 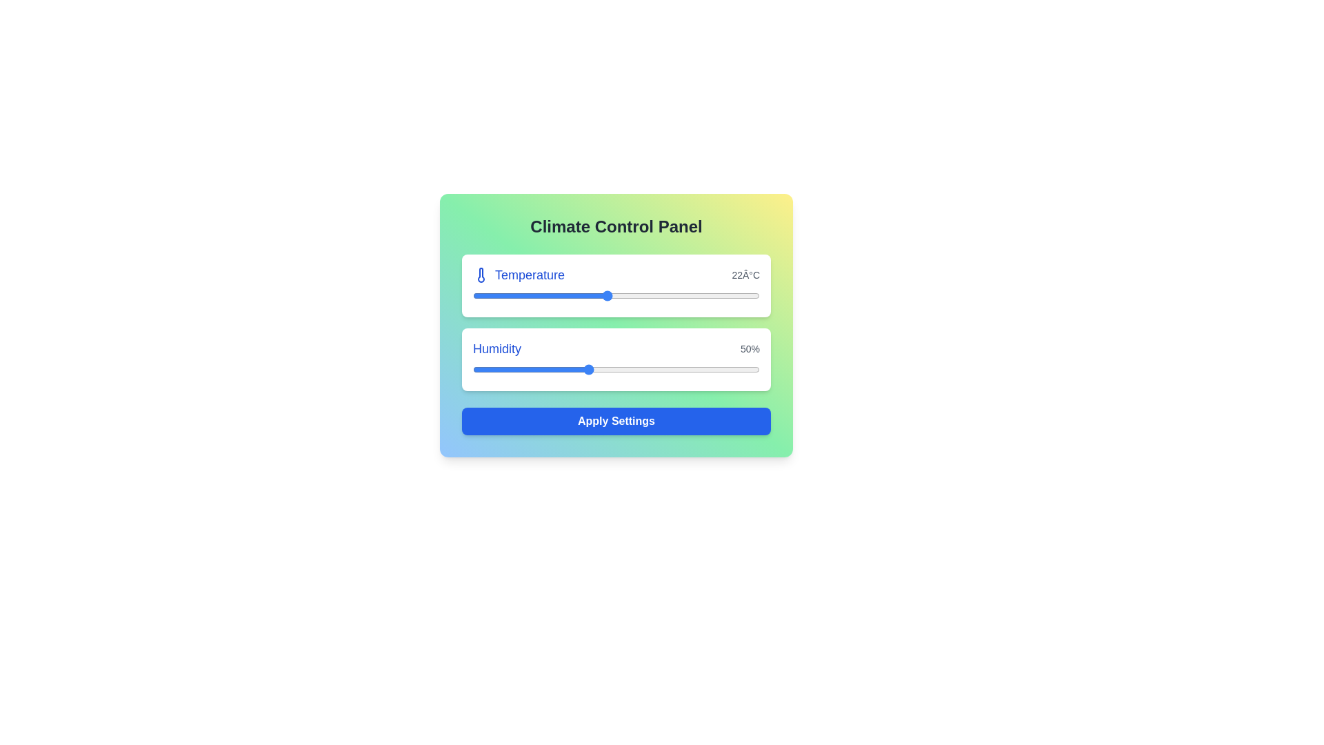 What do you see at coordinates (714, 369) in the screenshot?
I see `the humidity level` at bounding box center [714, 369].